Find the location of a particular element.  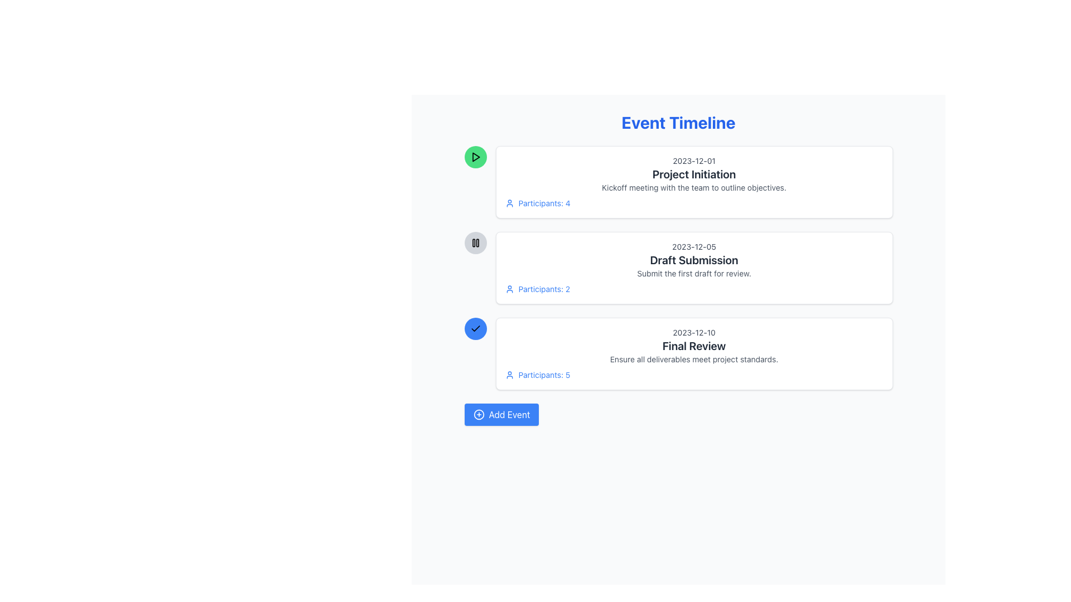

the 'Final Review' card element, which is the third item in a vertical list of event entries is located at coordinates (693, 354).